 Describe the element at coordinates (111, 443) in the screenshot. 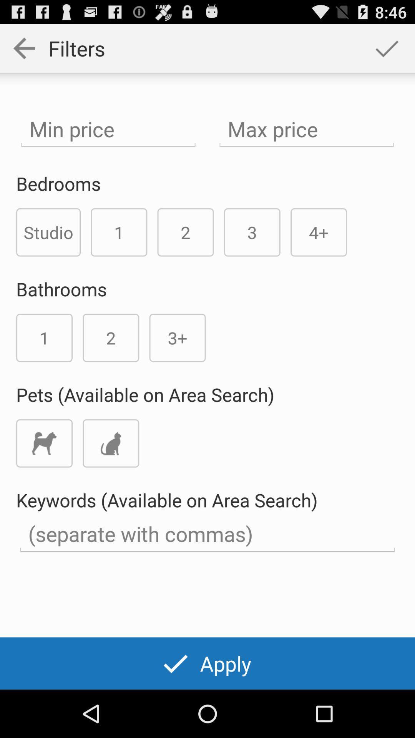

I see `cat icon` at that location.